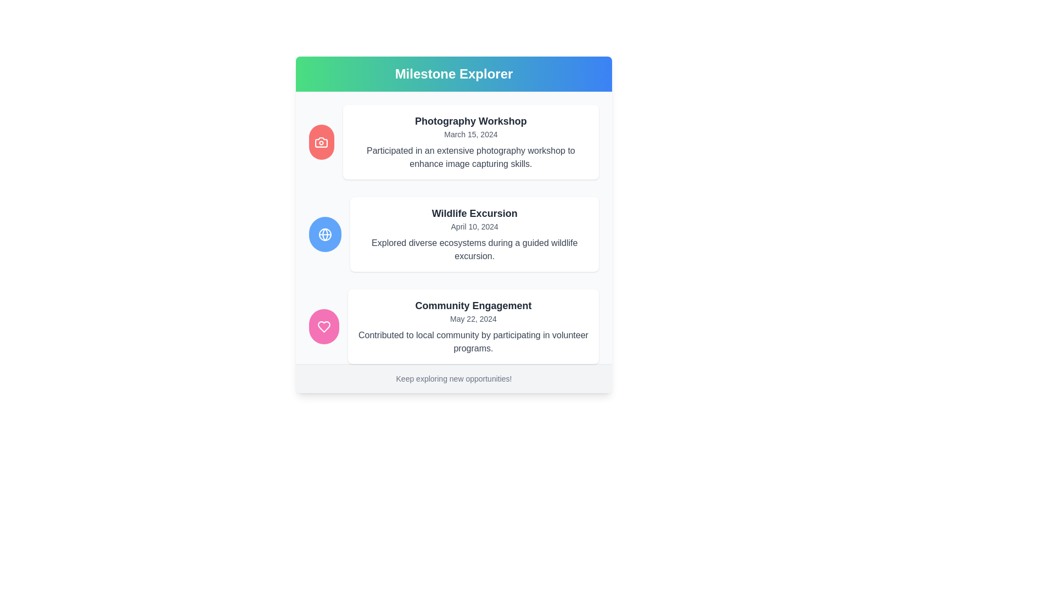 This screenshot has width=1054, height=593. Describe the element at coordinates (453, 326) in the screenshot. I see `the textual block titled 'Community Engagement' that describes volunteer programs, located at the bottom of the event list under 'Milestone Explorer'` at that location.